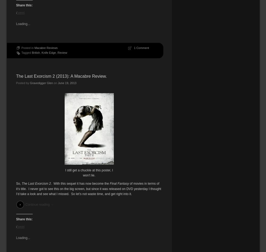 This screenshot has width=266, height=252. What do you see at coordinates (119, 183) in the screenshot?
I see `'Final Fantasy'` at bounding box center [119, 183].